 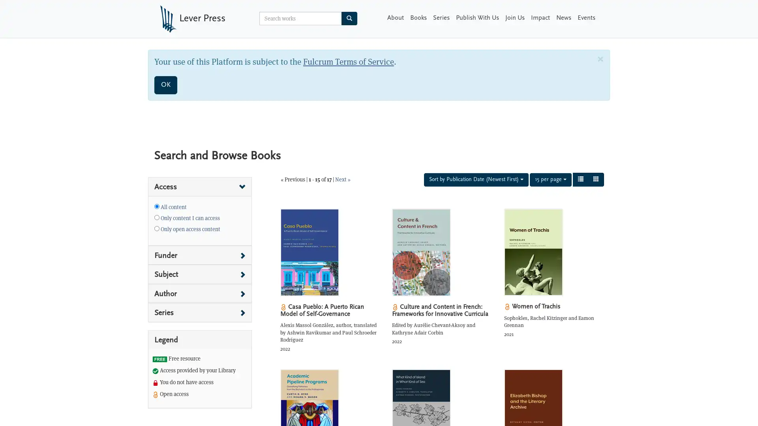 What do you see at coordinates (349, 18) in the screenshot?
I see `Search` at bounding box center [349, 18].